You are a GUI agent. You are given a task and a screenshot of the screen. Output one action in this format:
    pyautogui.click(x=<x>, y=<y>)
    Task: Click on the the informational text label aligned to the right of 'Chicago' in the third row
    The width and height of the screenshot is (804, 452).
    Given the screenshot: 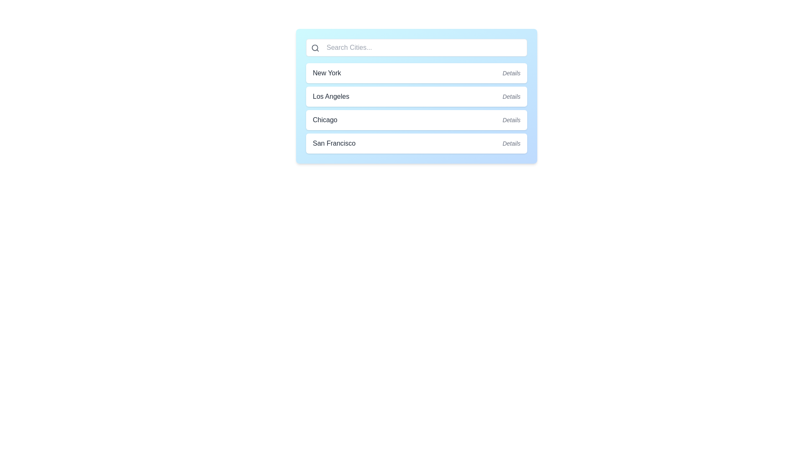 What is the action you would take?
    pyautogui.click(x=511, y=120)
    